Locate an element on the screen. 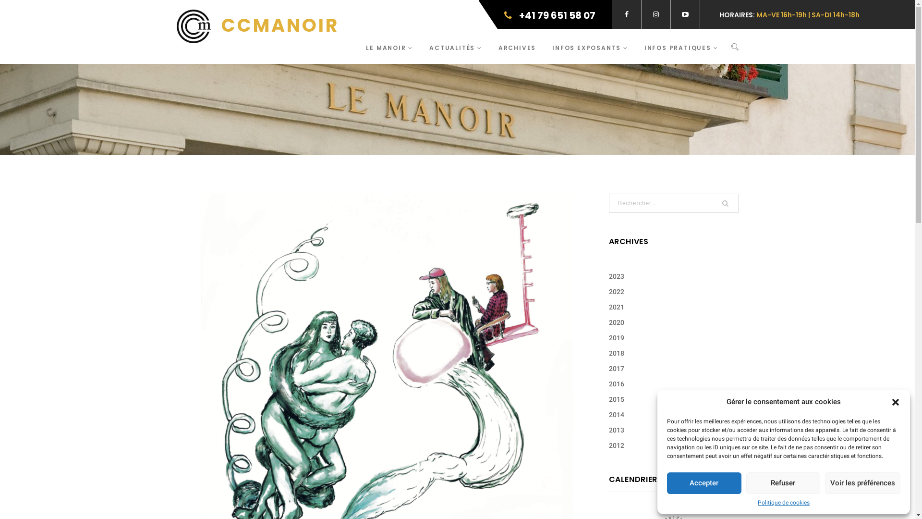  'Politique de cookies' is located at coordinates (784, 502).